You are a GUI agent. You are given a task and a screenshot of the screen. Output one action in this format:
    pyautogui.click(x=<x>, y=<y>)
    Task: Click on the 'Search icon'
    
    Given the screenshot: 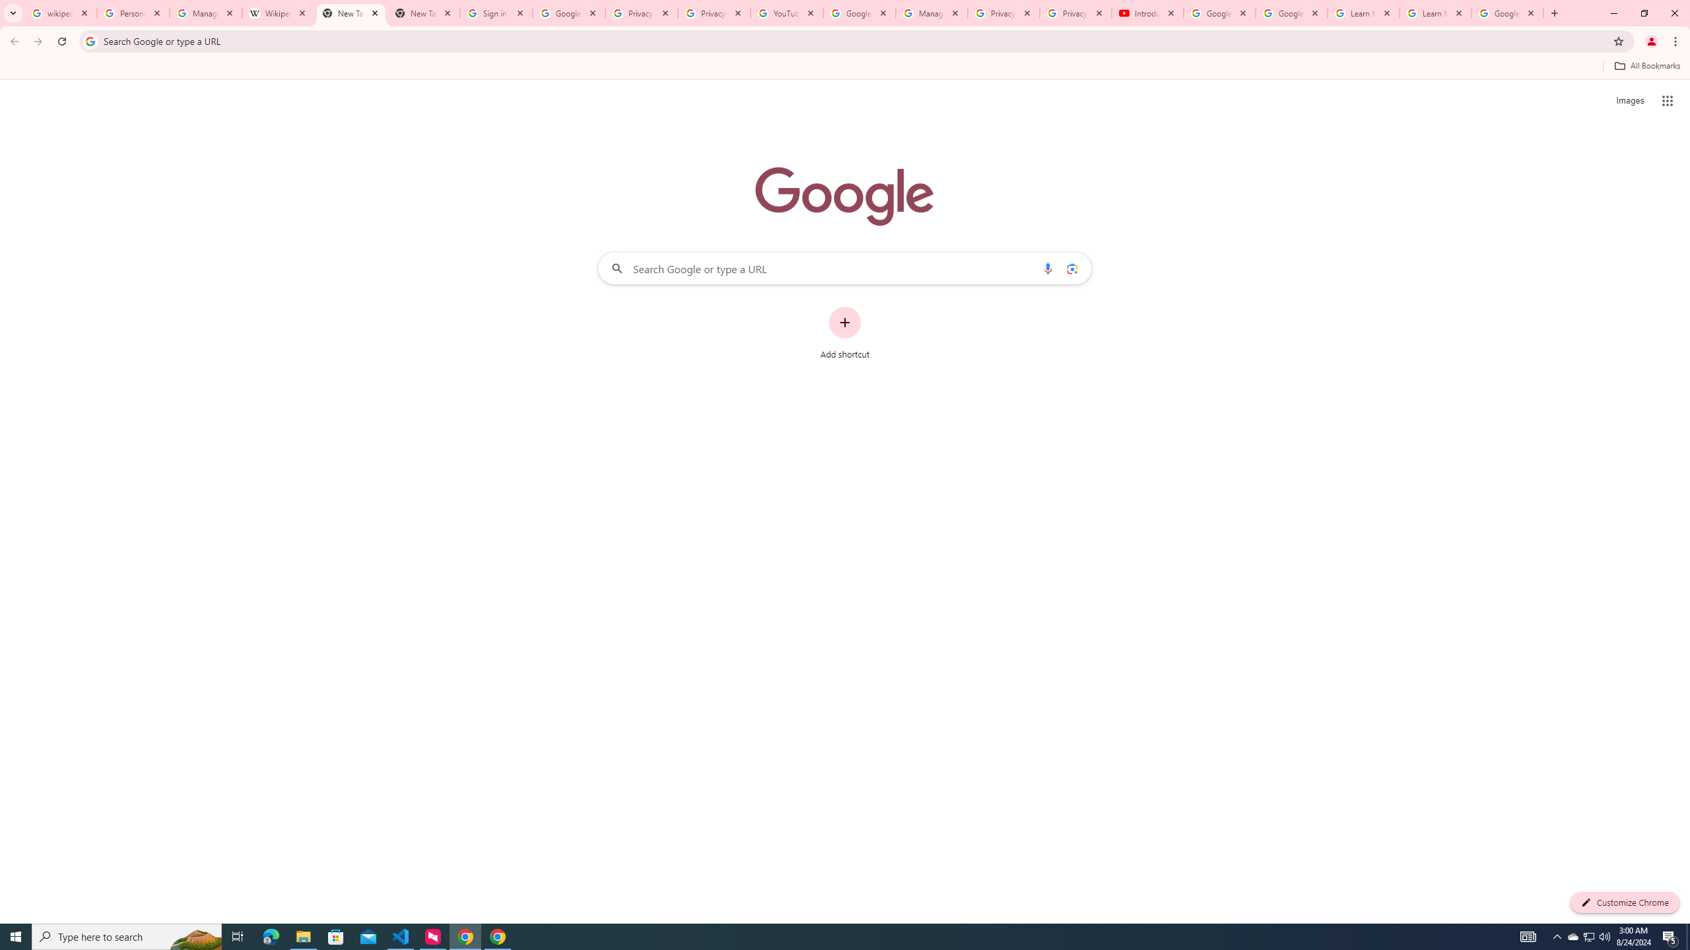 What is the action you would take?
    pyautogui.click(x=89, y=40)
    